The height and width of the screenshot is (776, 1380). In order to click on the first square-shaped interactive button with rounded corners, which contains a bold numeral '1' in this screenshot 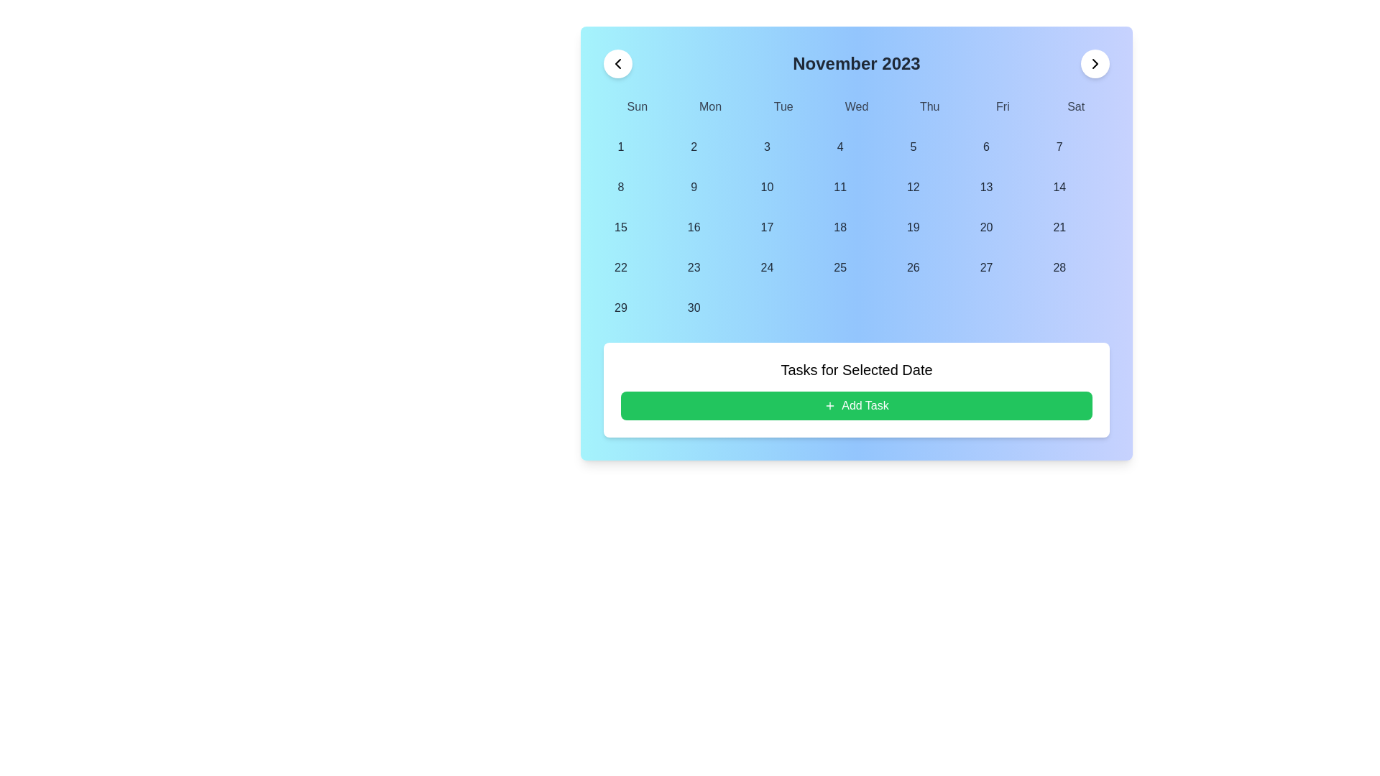, I will do `click(621, 147)`.